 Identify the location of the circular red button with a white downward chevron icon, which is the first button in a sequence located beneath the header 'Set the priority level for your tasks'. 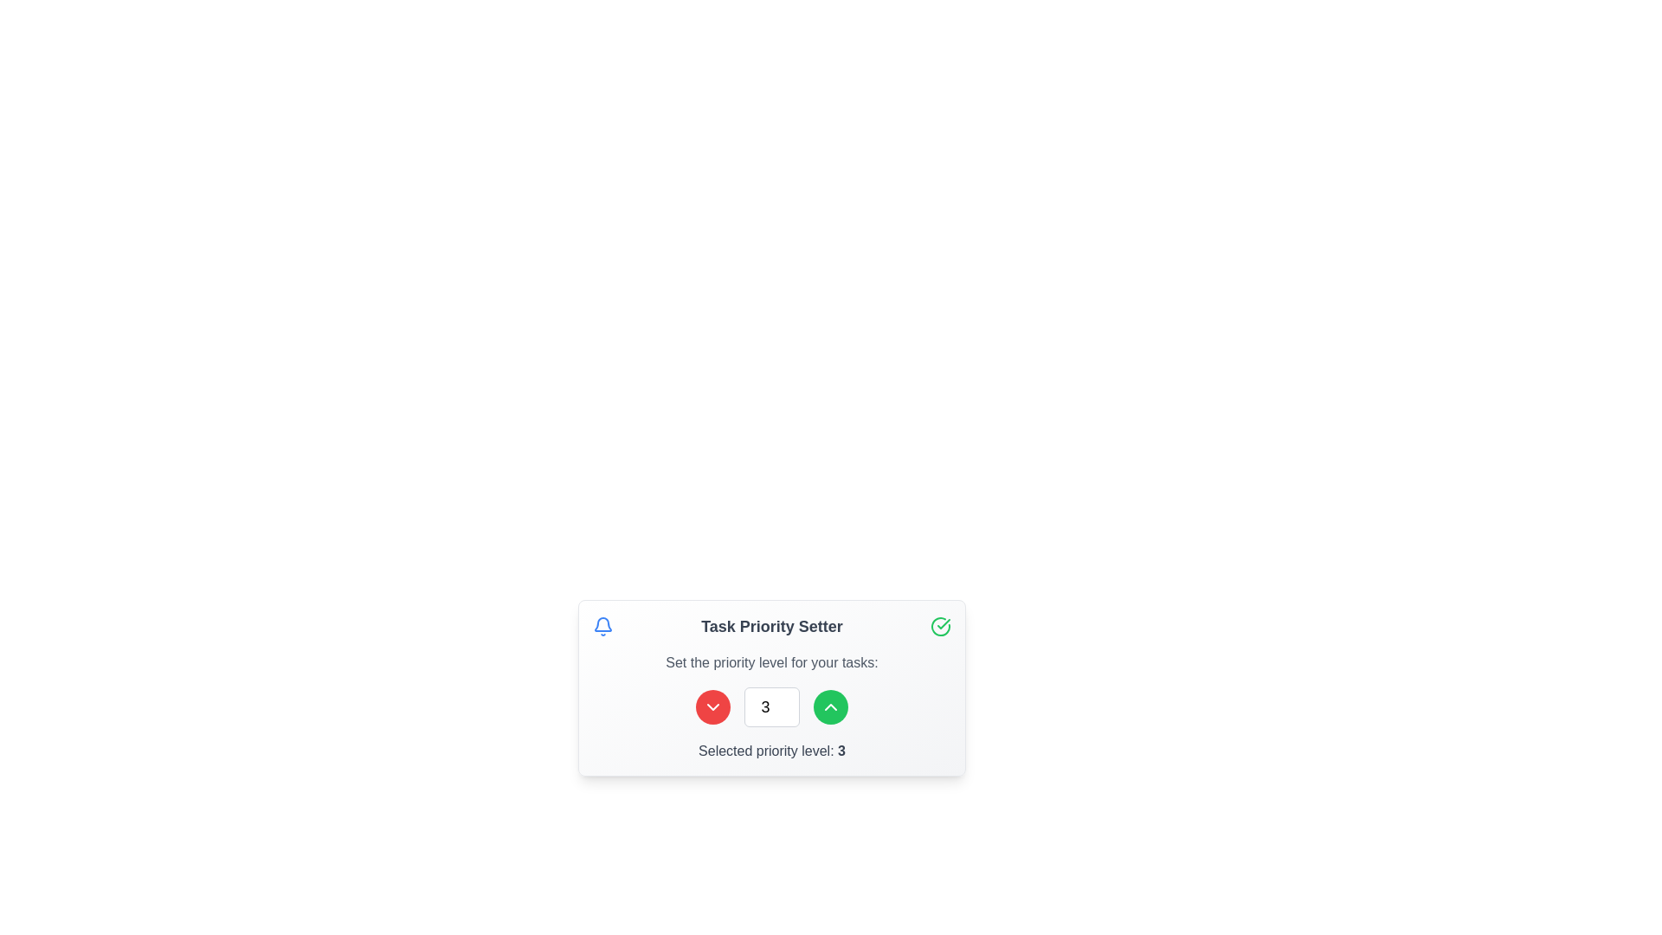
(713, 707).